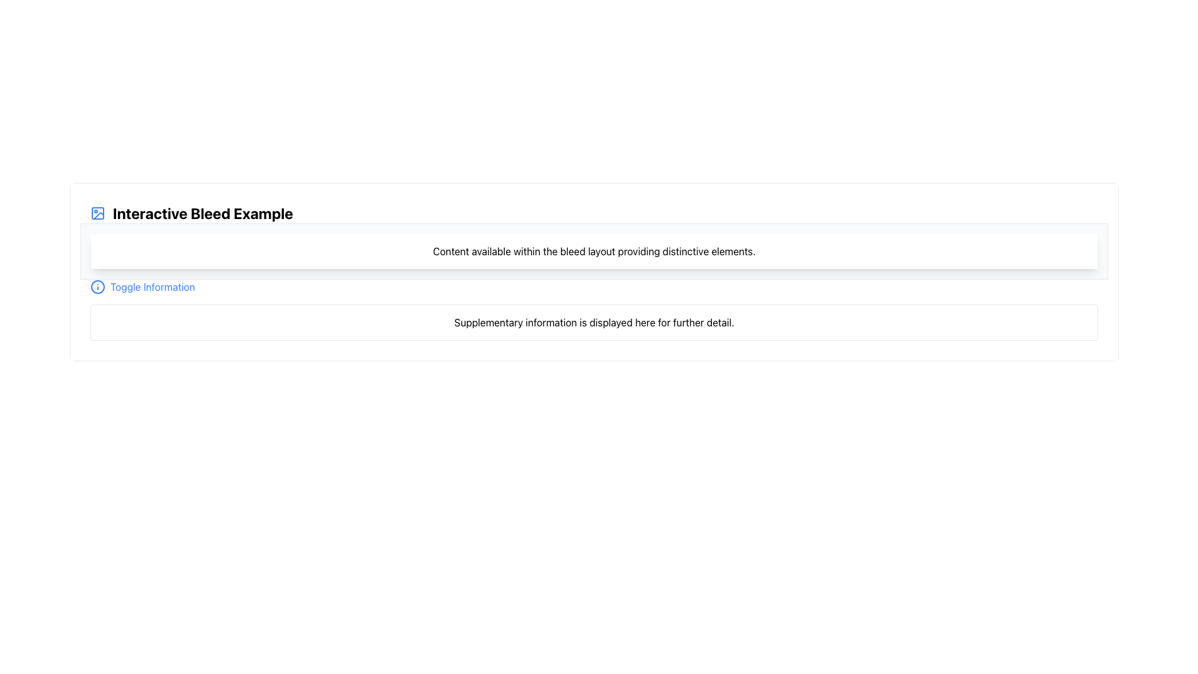 Image resolution: width=1198 pixels, height=674 pixels. I want to click on the small blue square icon resembling a picture frame, positioned to the left of the 'Interactive Bleed Example' label, so click(97, 213).